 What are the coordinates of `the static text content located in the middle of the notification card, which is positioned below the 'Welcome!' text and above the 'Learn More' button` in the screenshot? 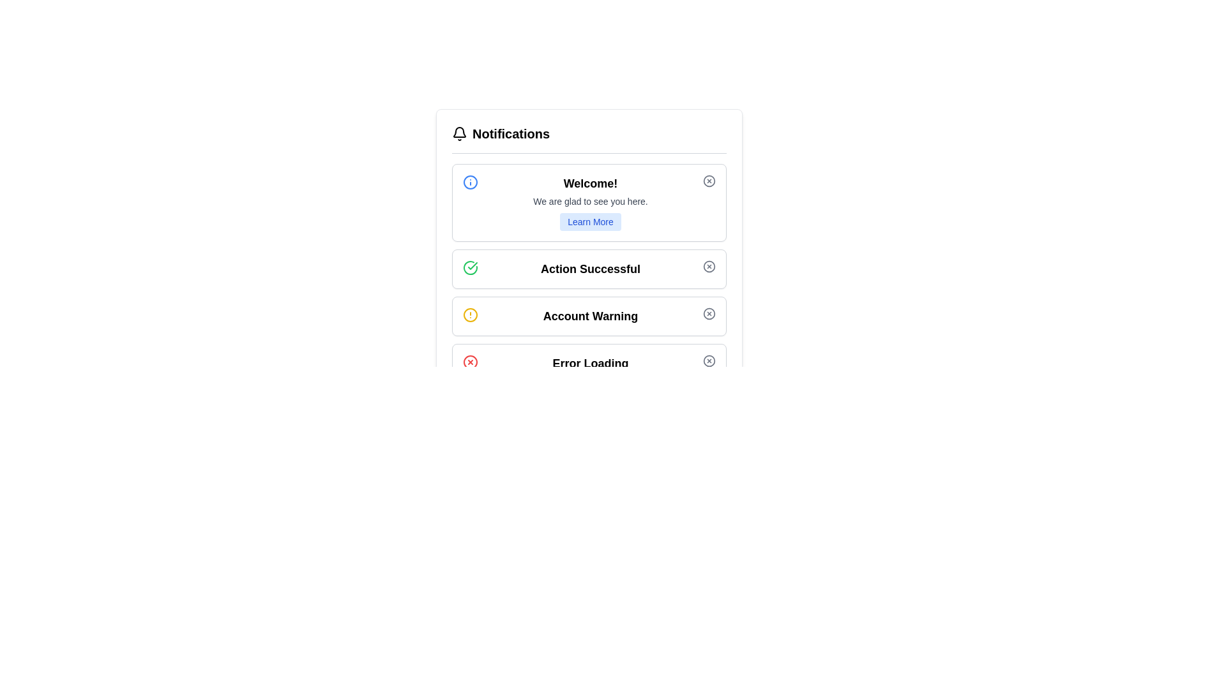 It's located at (590, 201).